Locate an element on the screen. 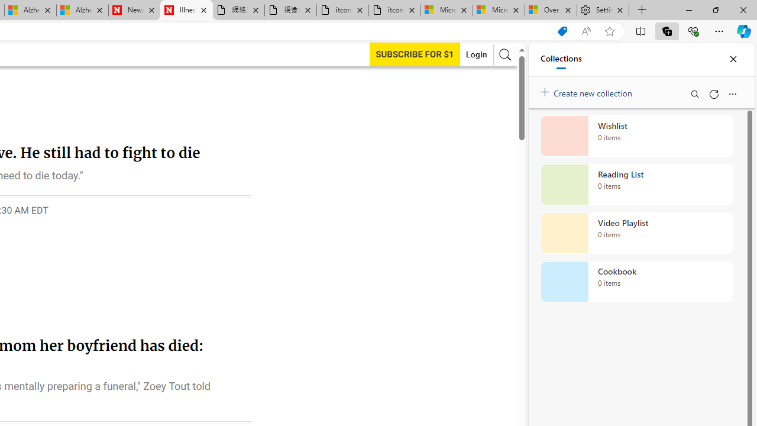  'Create new collection' is located at coordinates (588, 90).